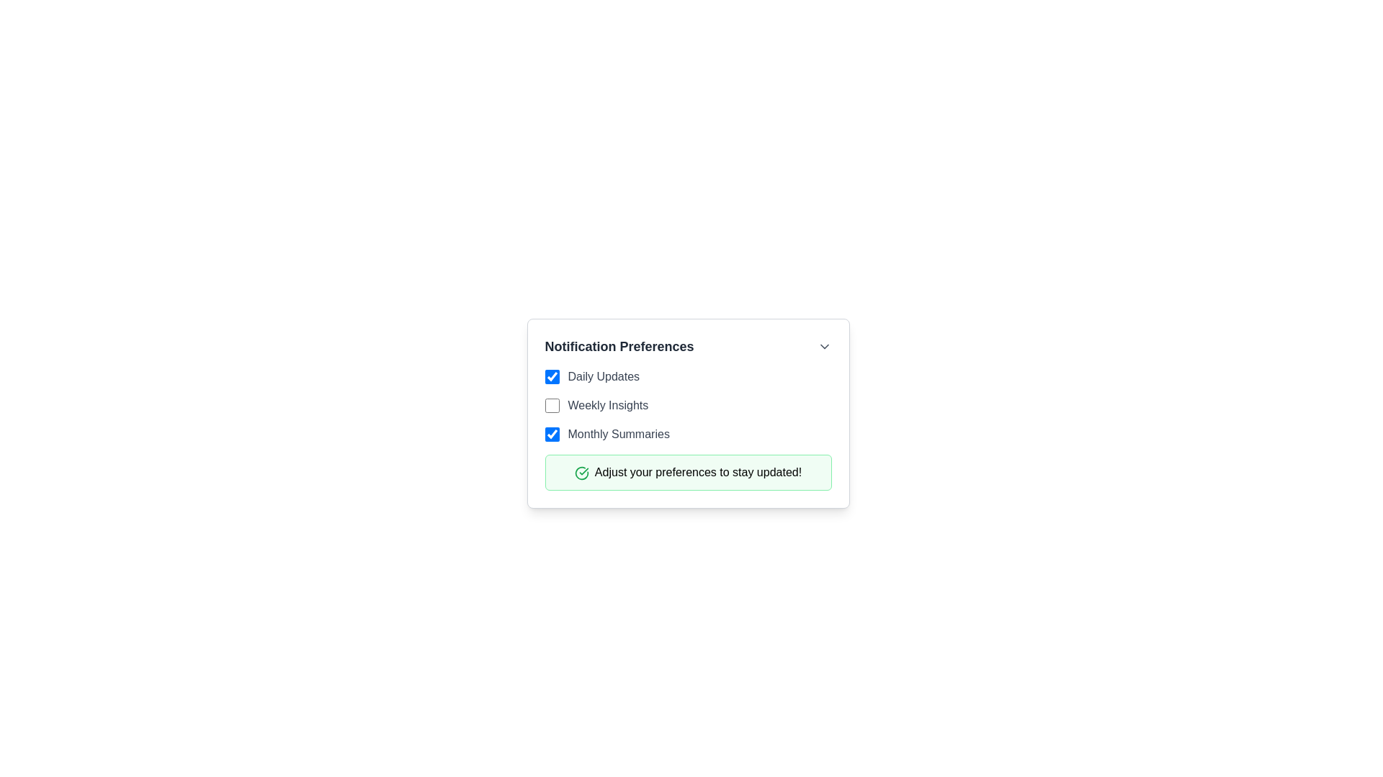 Image resolution: width=1383 pixels, height=777 pixels. Describe the element at coordinates (551, 405) in the screenshot. I see `the checkbox located on the second line of the 'Notification Preferences' section` at that location.